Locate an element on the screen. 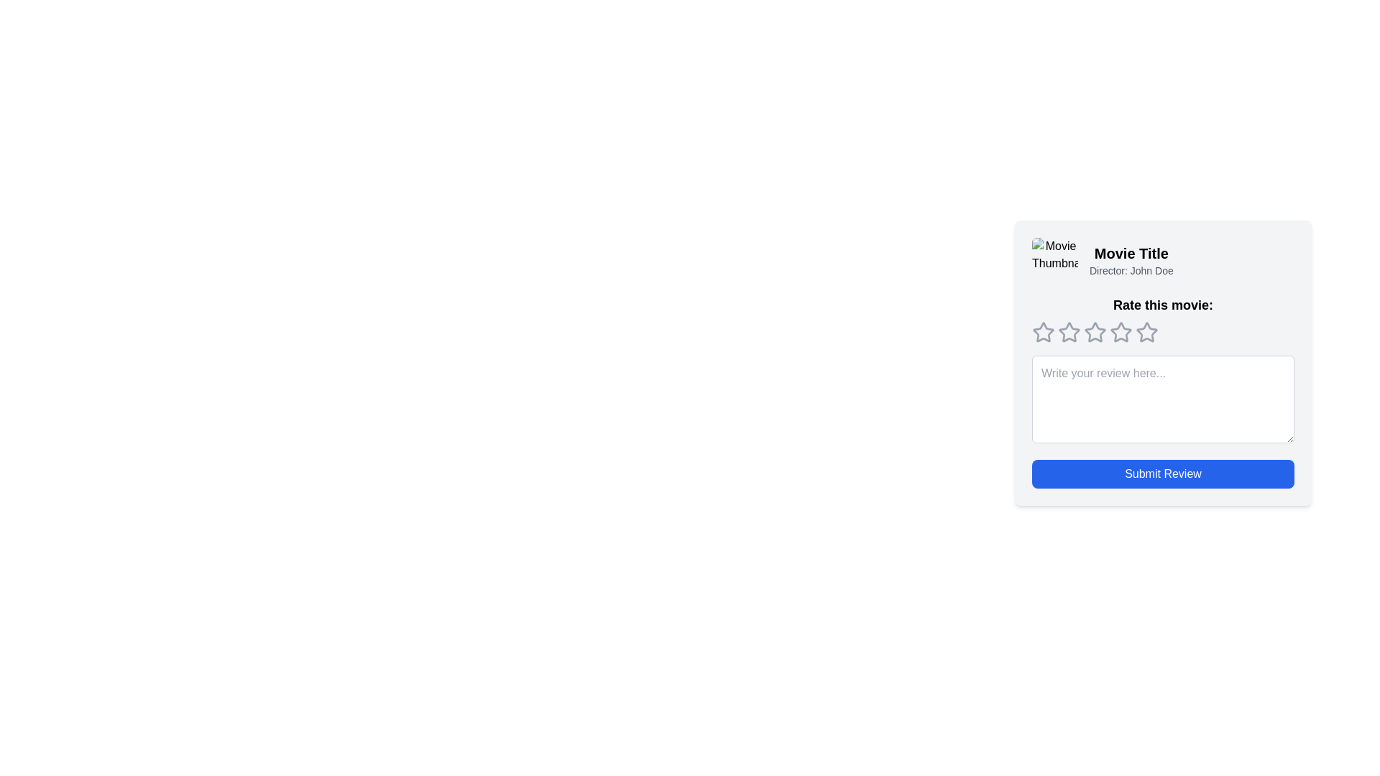 The image size is (1380, 776). the 'Submit Review' button, which is a rectangular button with white text on a blue background, located at the bottom of the review card is located at coordinates (1163, 474).